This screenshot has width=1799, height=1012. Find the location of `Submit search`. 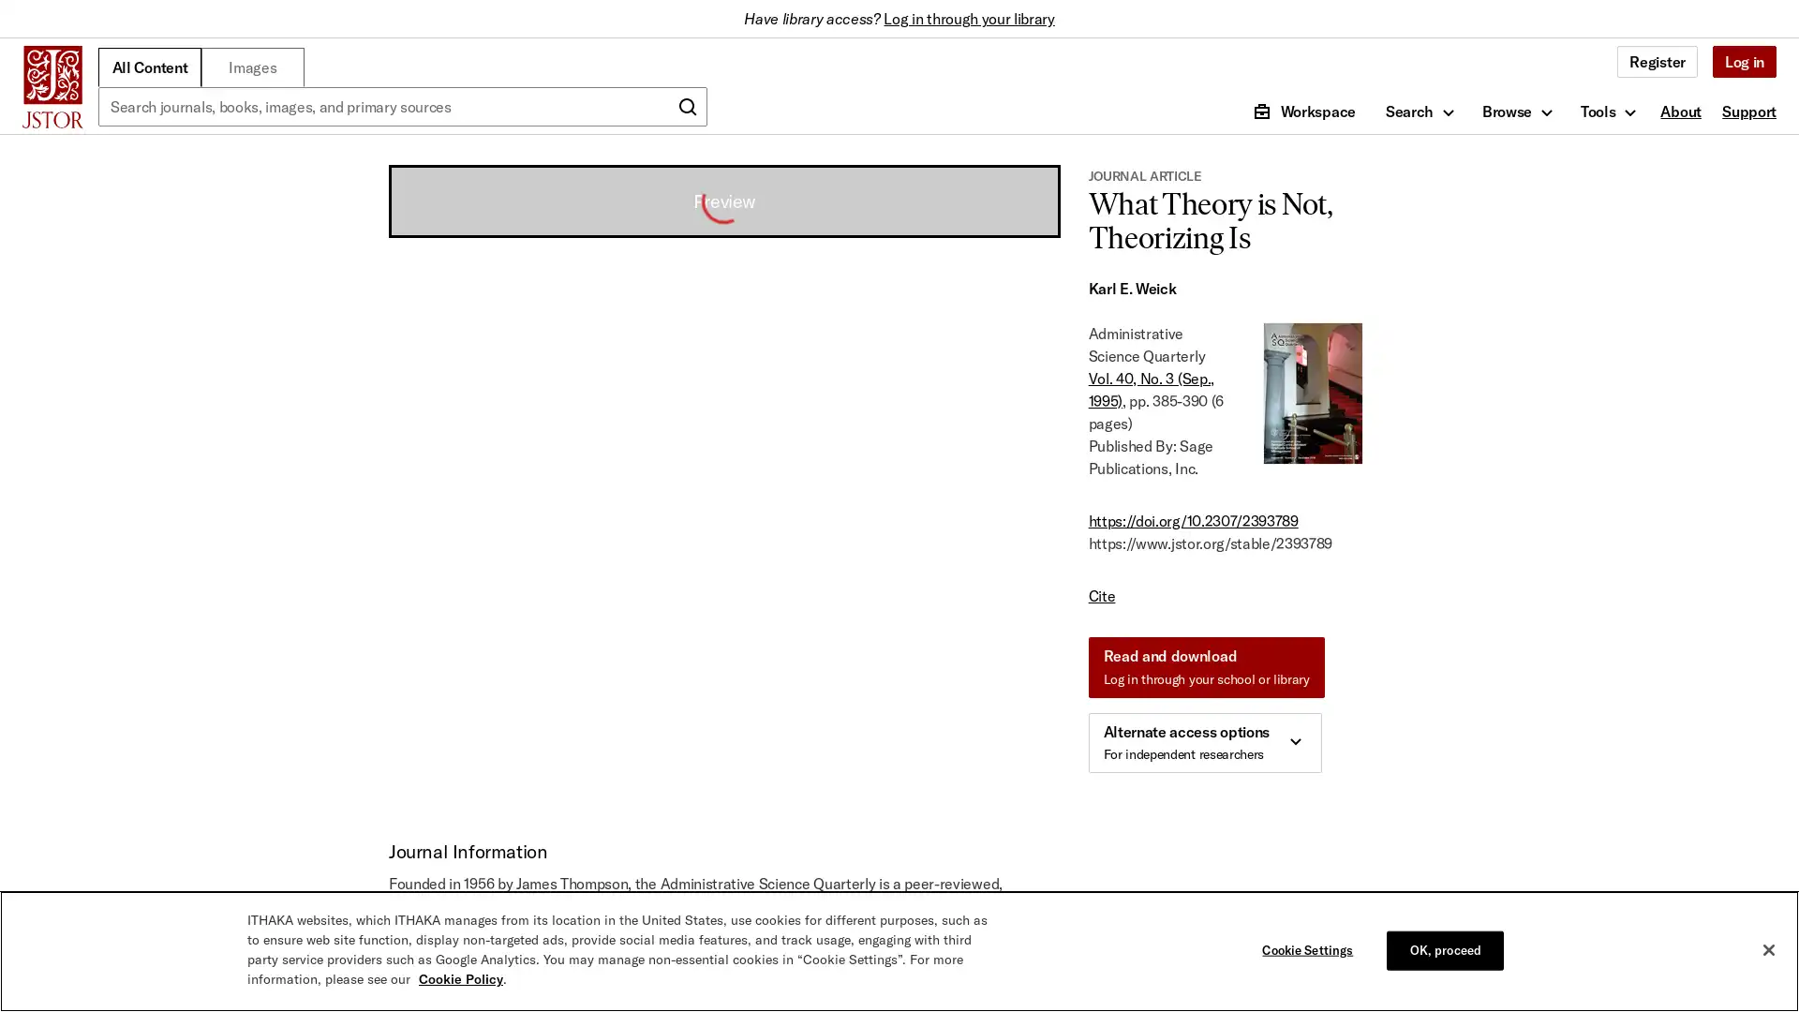

Submit search is located at coordinates (687, 107).